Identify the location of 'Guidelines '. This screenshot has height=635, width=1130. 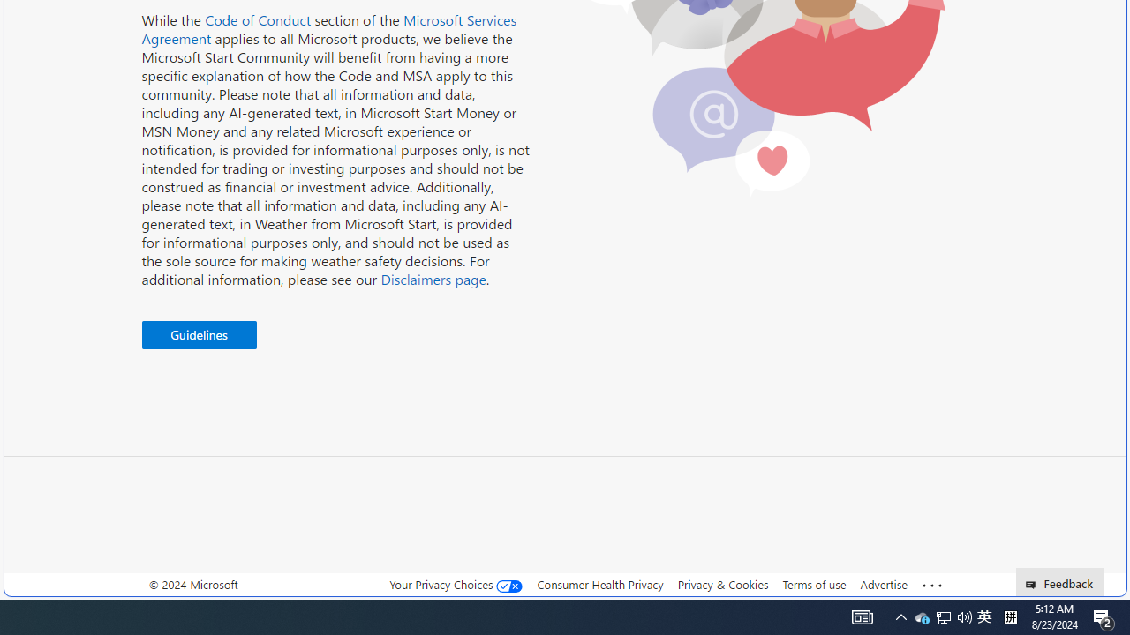
(199, 335).